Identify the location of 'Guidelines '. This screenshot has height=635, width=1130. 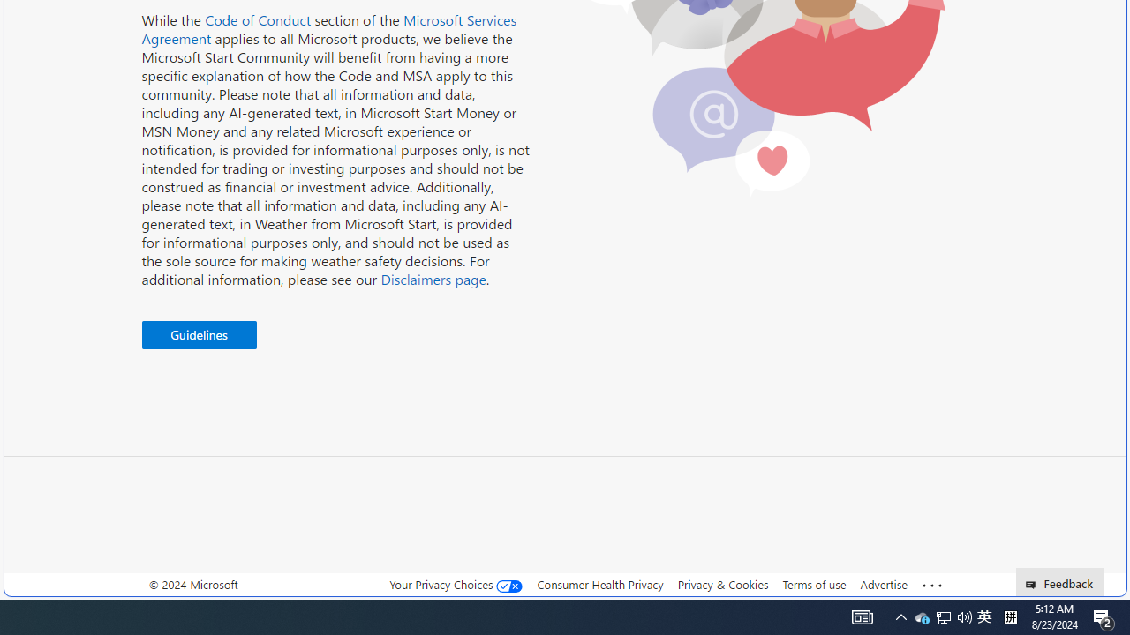
(199, 335).